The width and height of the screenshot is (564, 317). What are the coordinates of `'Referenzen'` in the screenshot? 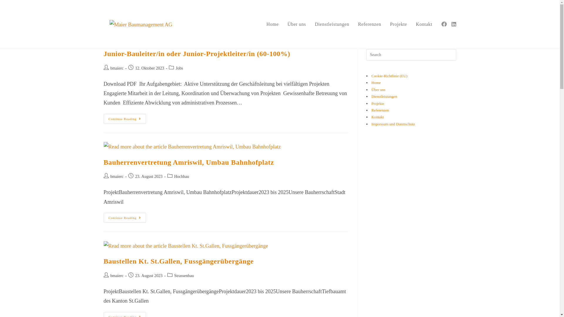 It's located at (369, 24).